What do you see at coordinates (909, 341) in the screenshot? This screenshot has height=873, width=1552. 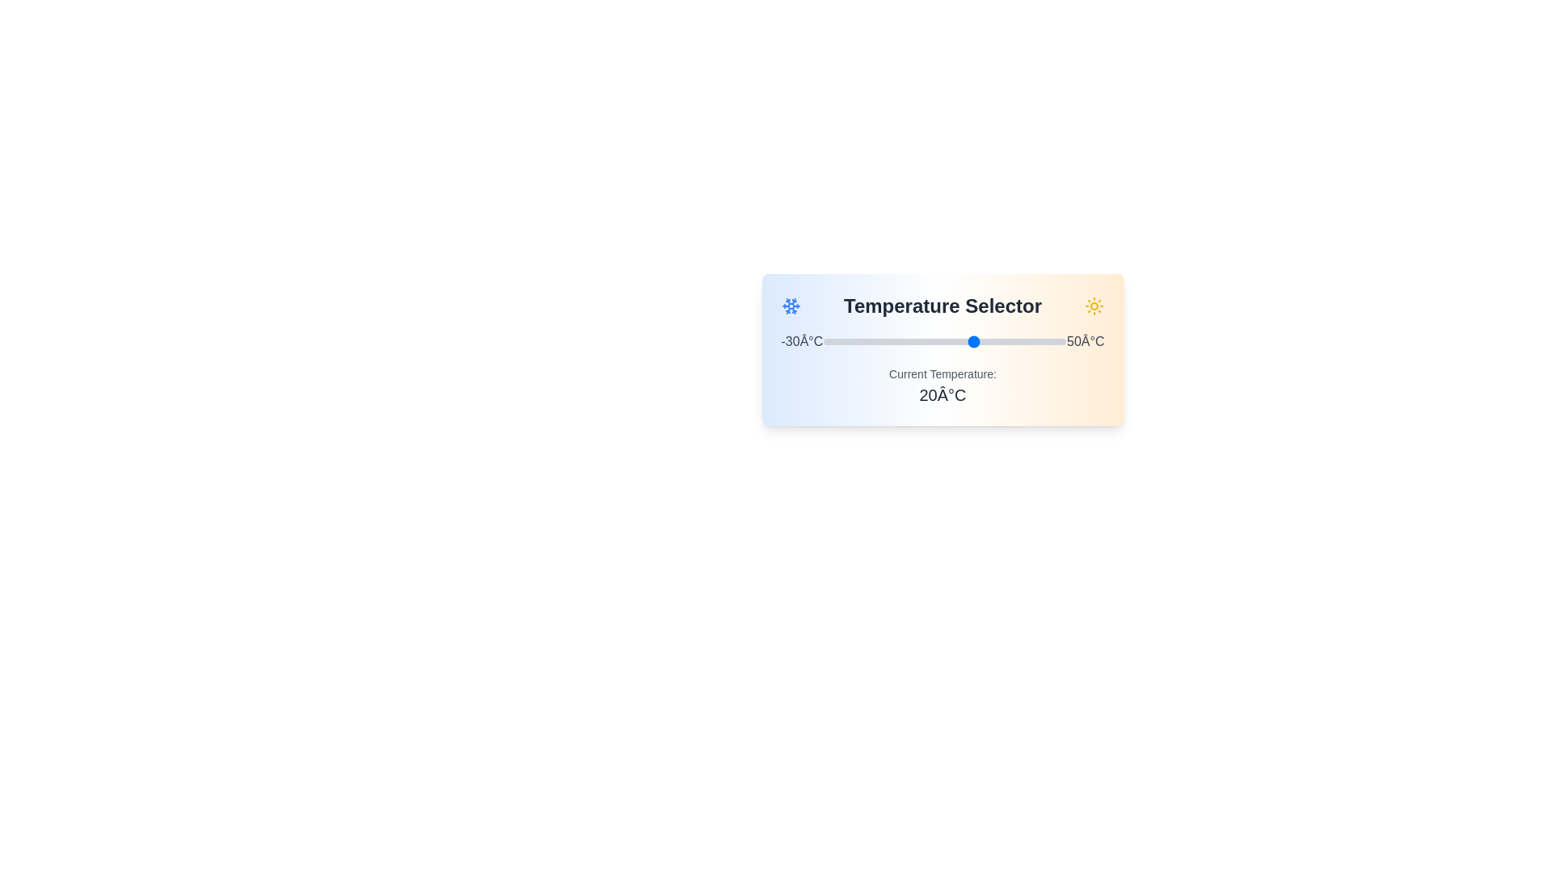 I see `the temperature slider` at bounding box center [909, 341].